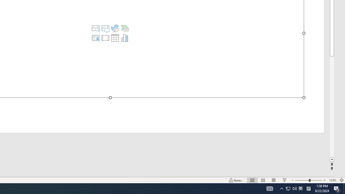 This screenshot has width=345, height=194. Describe the element at coordinates (96, 38) in the screenshot. I see `'Insert Cameo'` at that location.